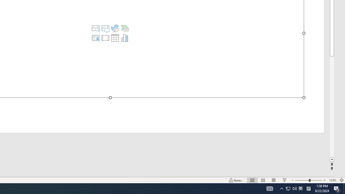 This screenshot has width=345, height=194. Describe the element at coordinates (96, 38) in the screenshot. I see `'Insert Cameo'` at that location.